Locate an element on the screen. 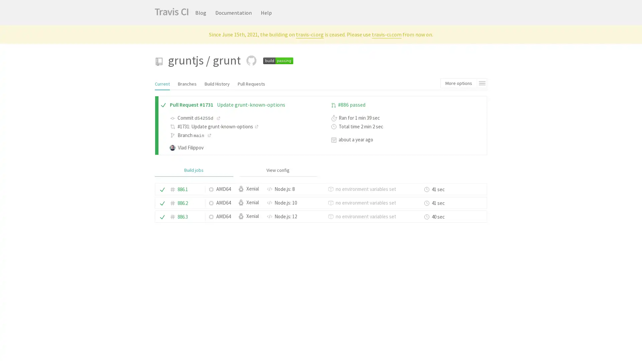 Image resolution: width=642 pixels, height=361 pixels. More options is located at coordinates (463, 82).